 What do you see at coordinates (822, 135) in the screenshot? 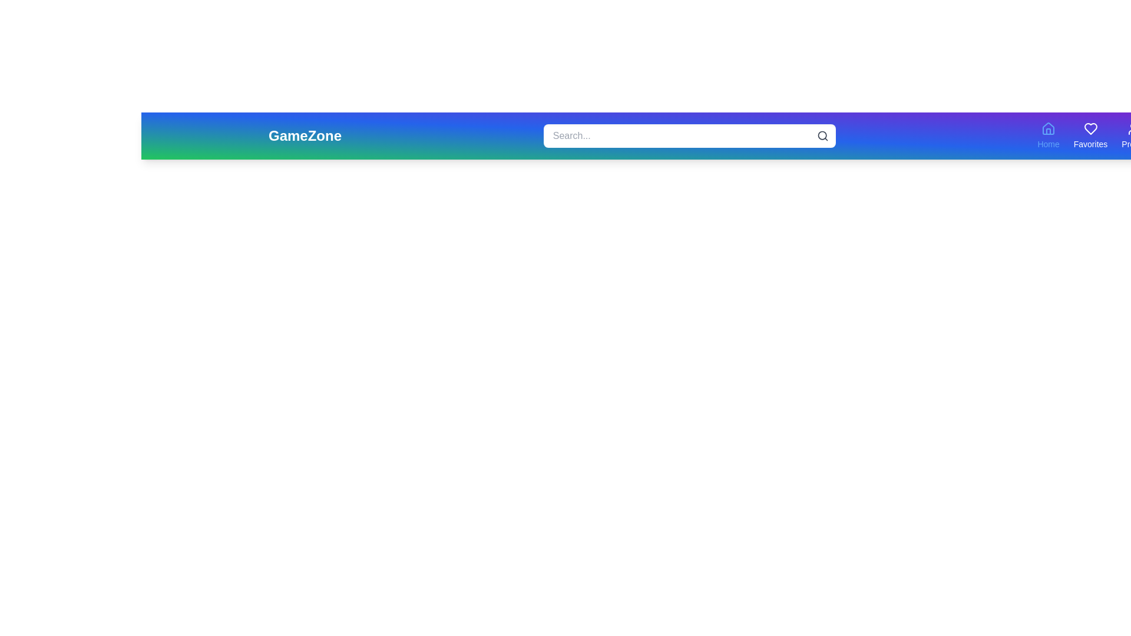
I see `the search icon to initiate a search` at bounding box center [822, 135].